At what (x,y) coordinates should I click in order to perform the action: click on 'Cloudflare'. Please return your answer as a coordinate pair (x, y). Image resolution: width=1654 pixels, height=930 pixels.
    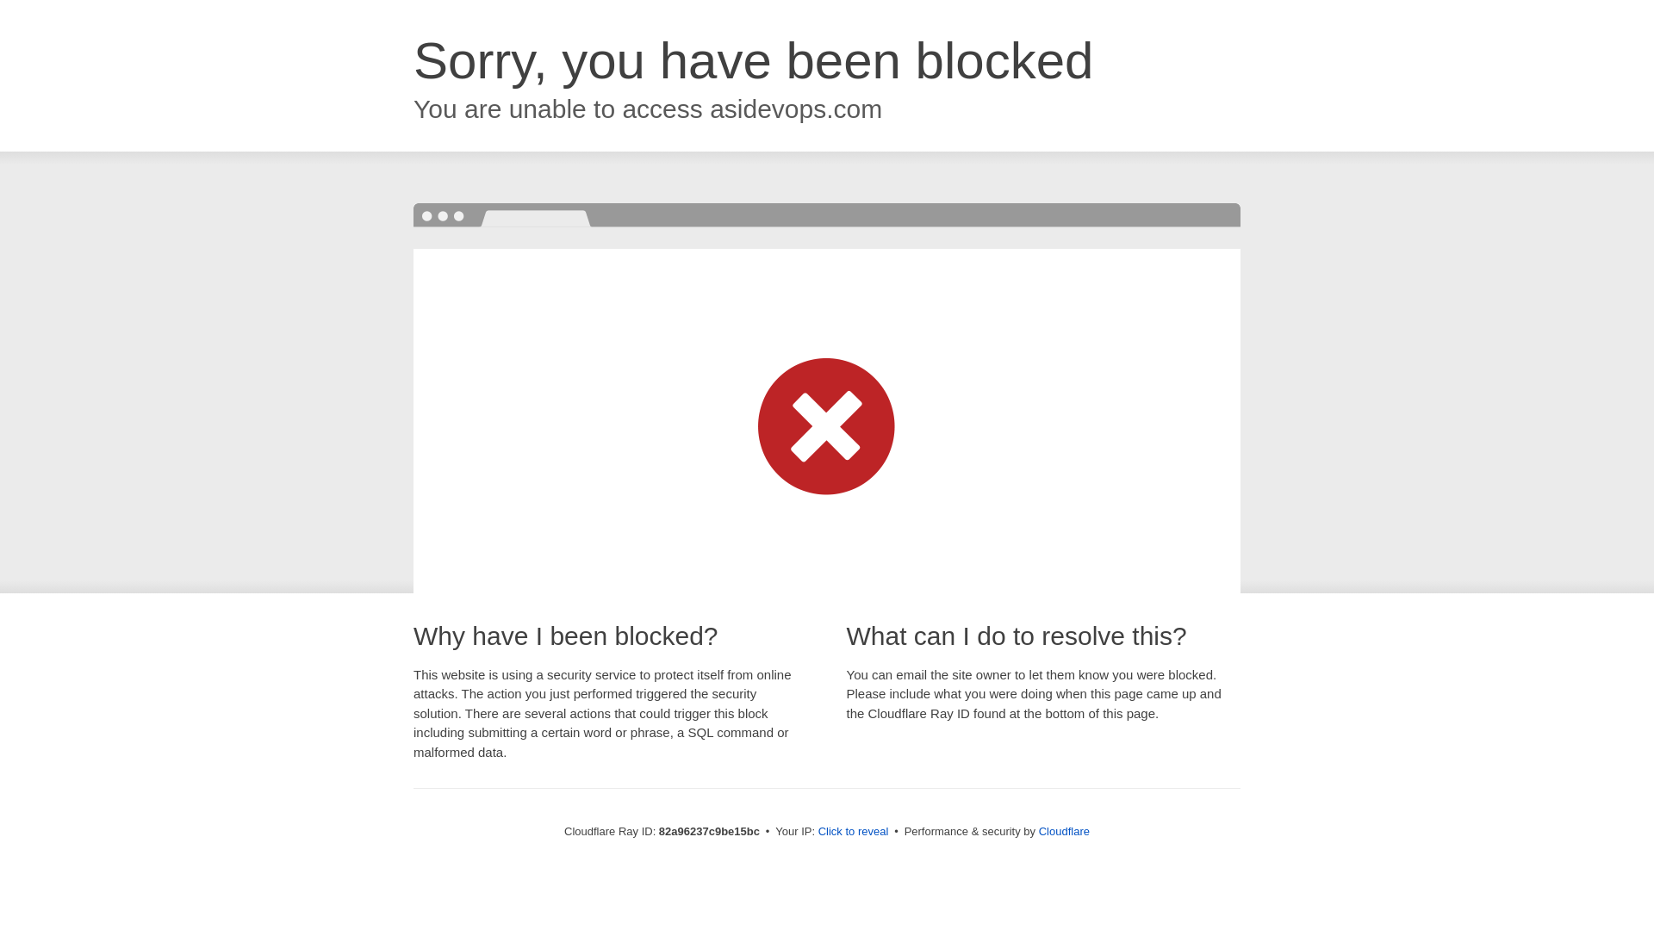
    Looking at the image, I should click on (1063, 830).